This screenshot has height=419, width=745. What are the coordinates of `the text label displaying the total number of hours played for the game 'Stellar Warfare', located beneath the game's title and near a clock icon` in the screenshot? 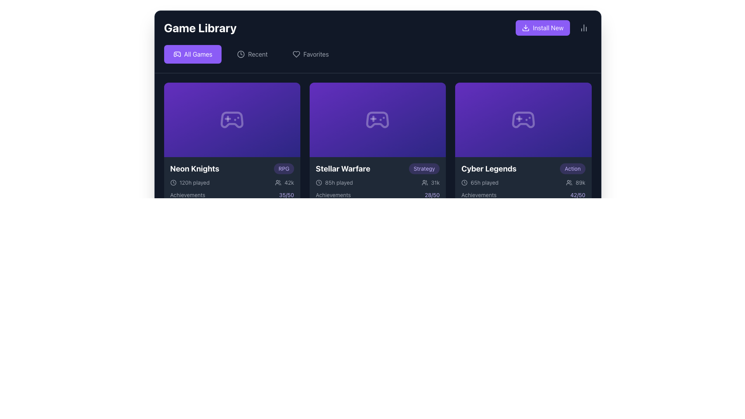 It's located at (339, 182).